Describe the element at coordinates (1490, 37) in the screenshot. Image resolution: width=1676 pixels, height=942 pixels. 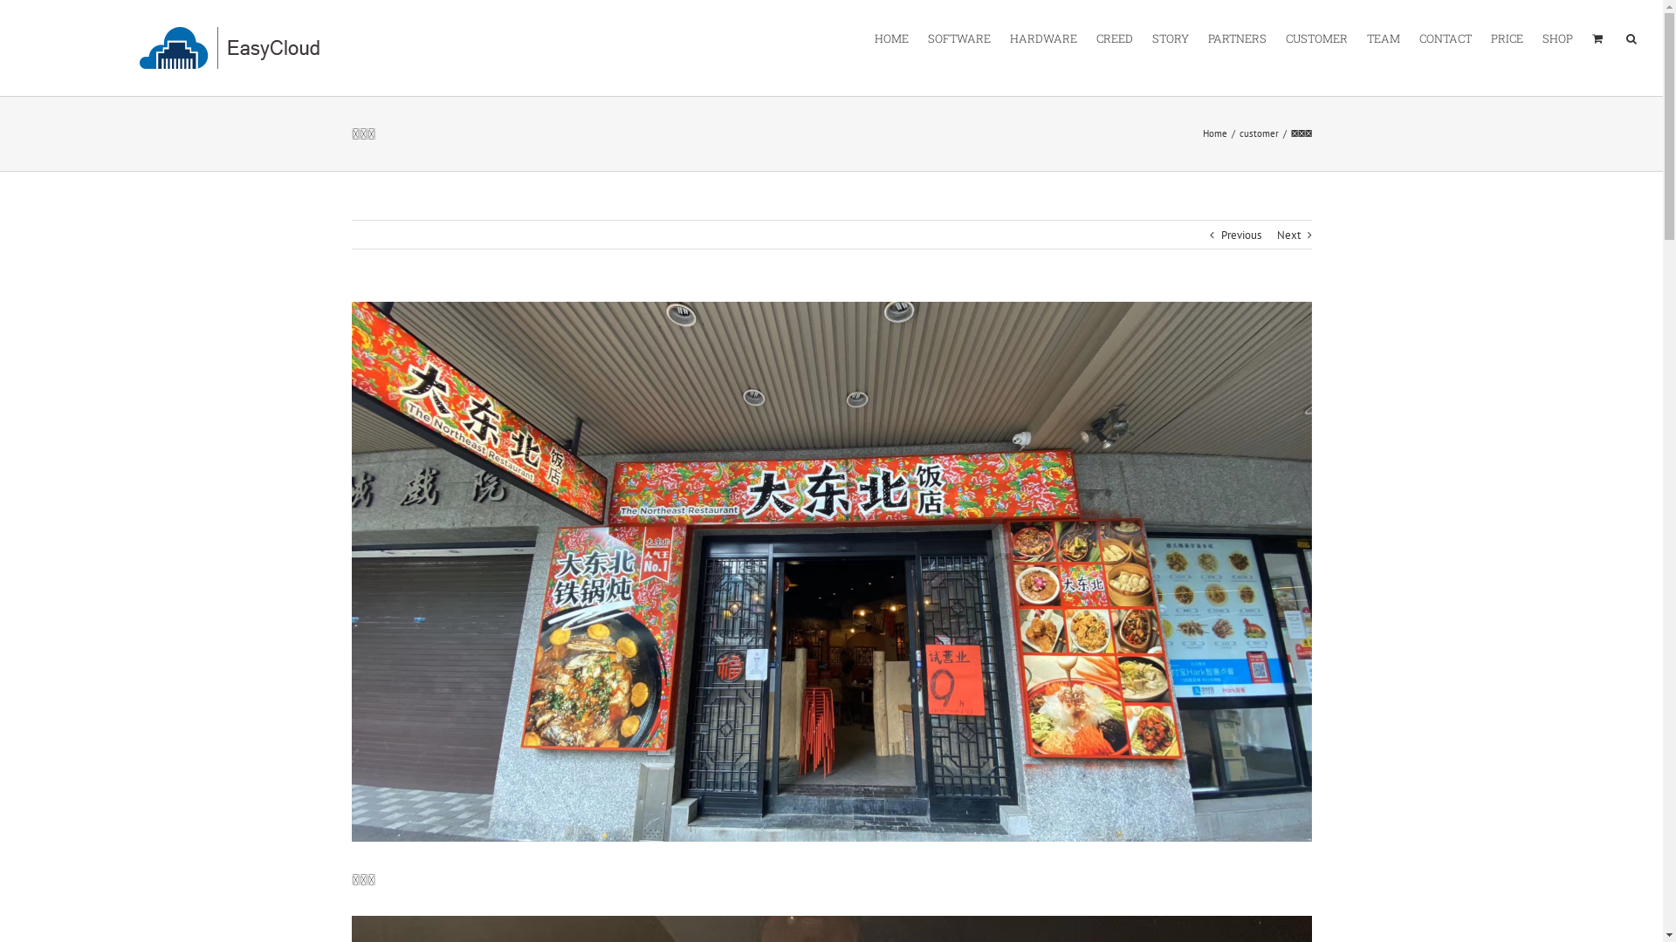
I see `'PRICE'` at that location.